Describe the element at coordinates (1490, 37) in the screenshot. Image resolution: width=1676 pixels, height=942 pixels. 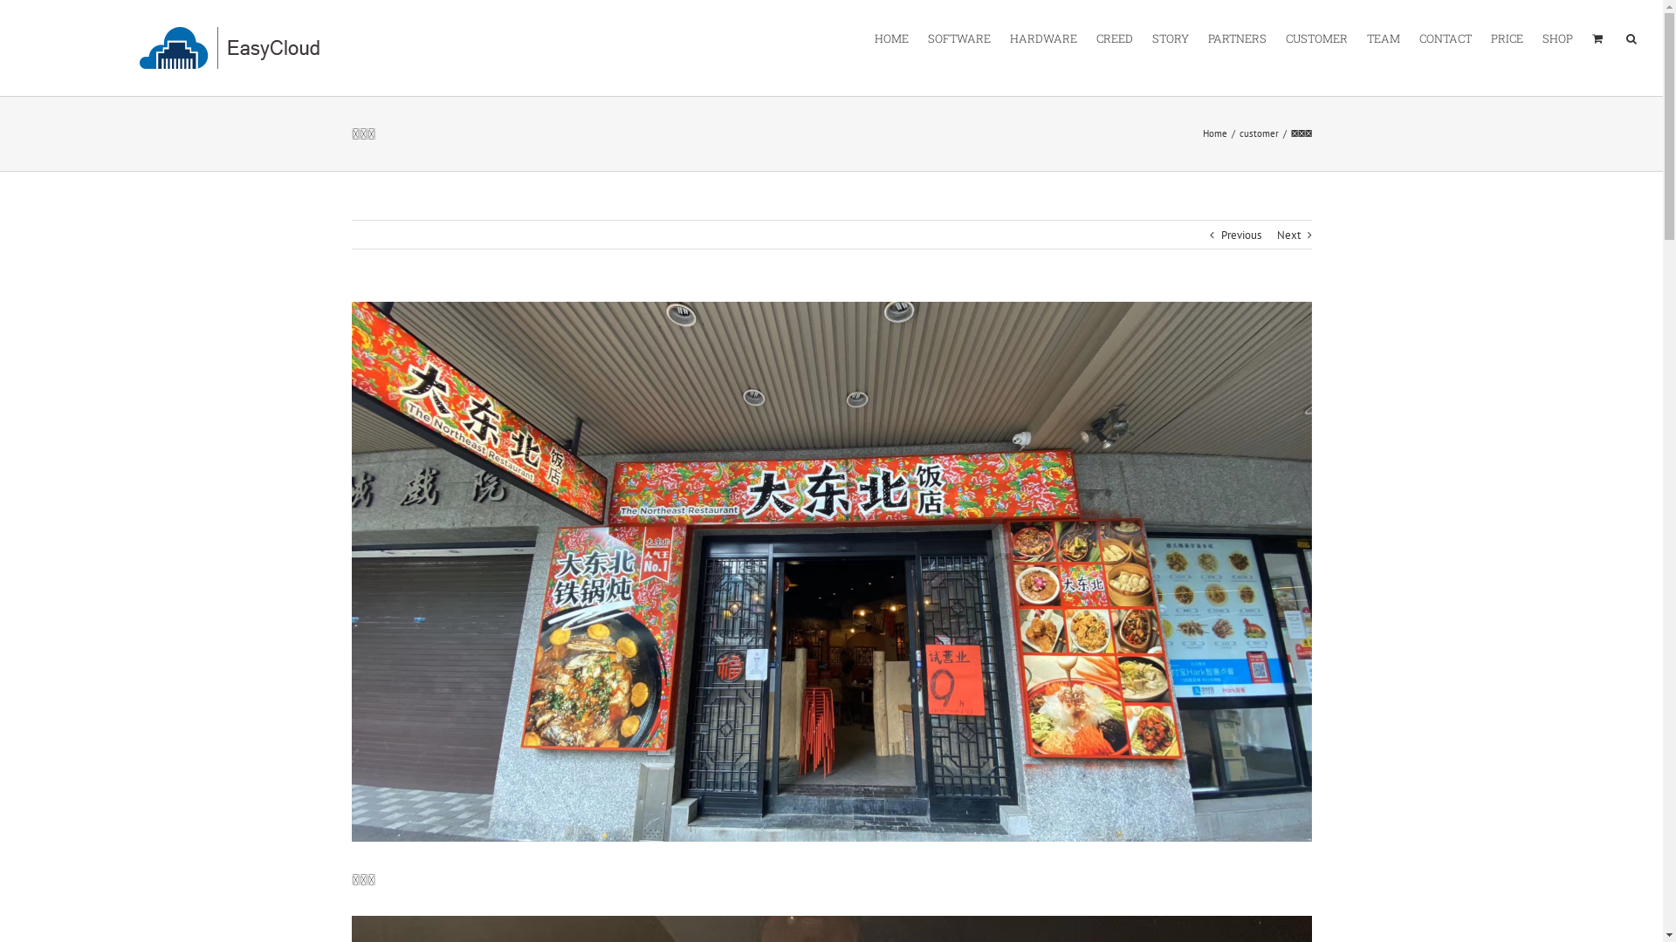
I see `'PRICE'` at that location.